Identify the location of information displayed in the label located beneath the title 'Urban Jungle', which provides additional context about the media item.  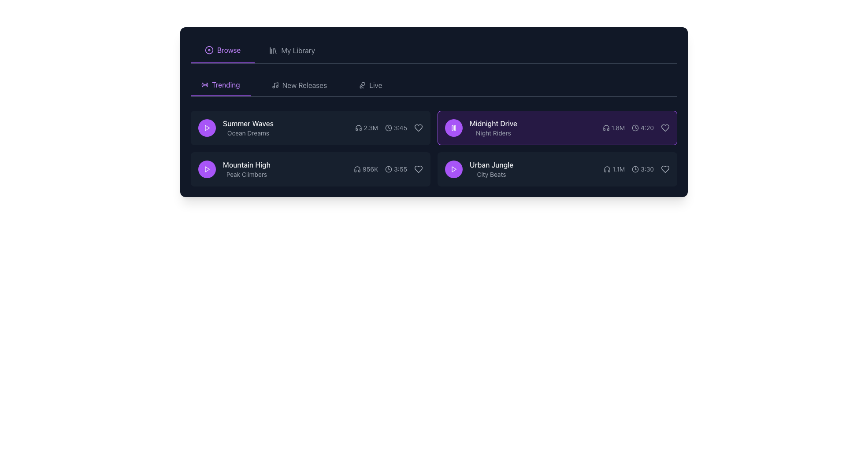
(491, 175).